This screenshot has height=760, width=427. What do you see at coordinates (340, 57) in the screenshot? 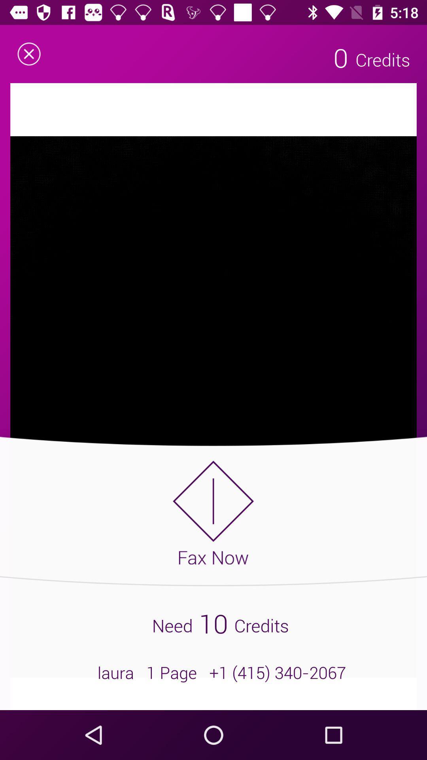
I see `0 app` at bounding box center [340, 57].